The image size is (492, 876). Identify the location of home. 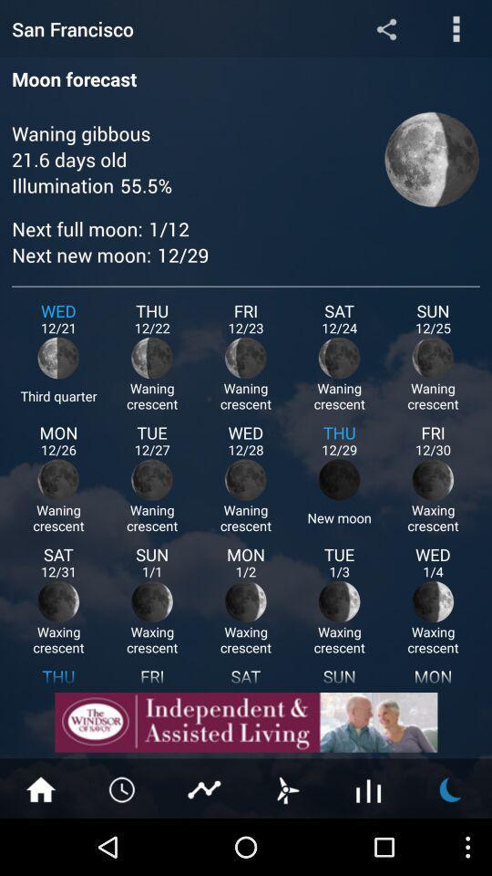
(40, 787).